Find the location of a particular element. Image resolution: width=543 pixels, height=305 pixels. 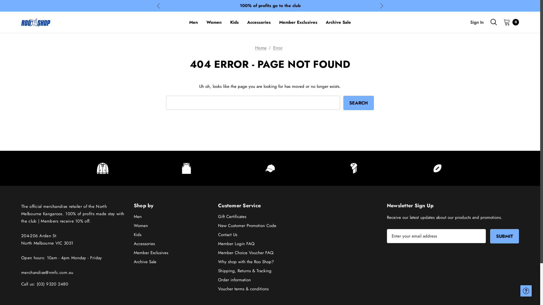

'Call us: (03) 9320 2480' is located at coordinates (44, 284).